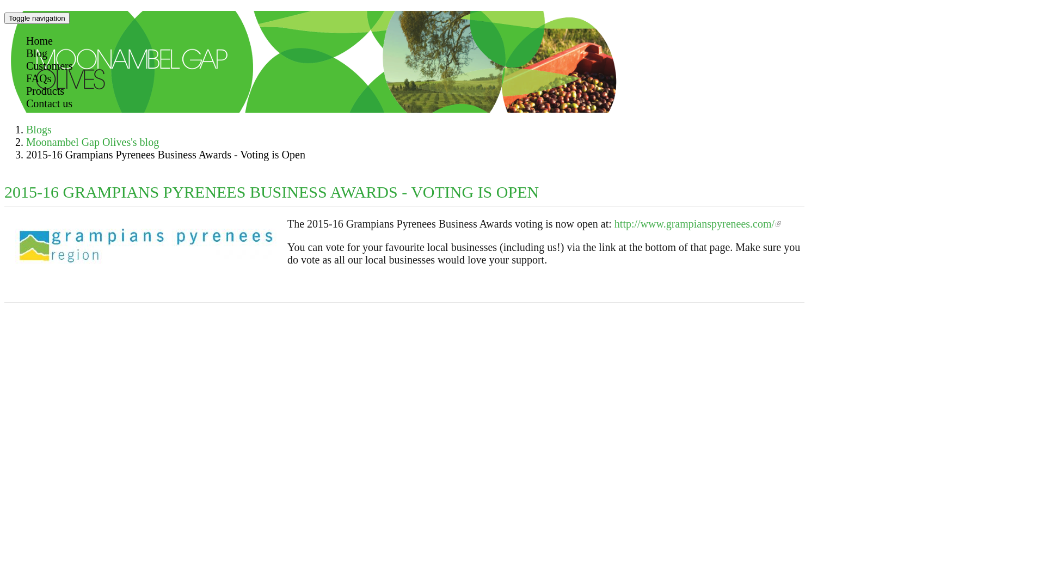 The height and width of the screenshot is (588, 1045). Describe the element at coordinates (36, 53) in the screenshot. I see `'Blog'` at that location.